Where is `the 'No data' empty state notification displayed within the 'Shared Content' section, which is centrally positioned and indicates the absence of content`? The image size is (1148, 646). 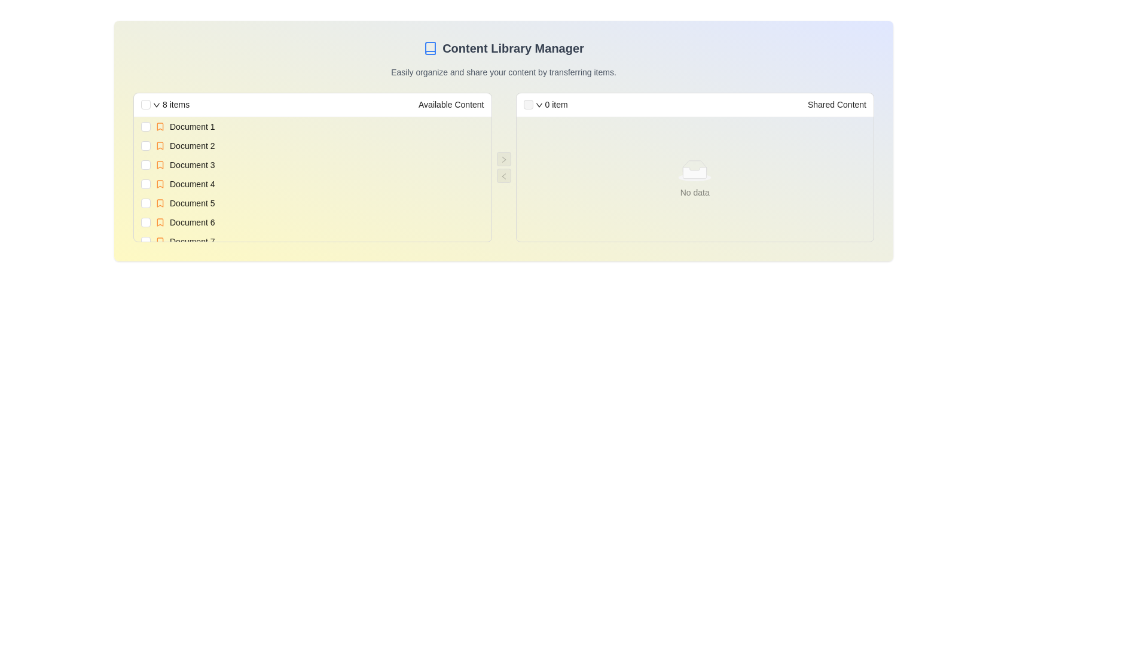
the 'No data' empty state notification displayed within the 'Shared Content' section, which is centrally positioned and indicates the absence of content is located at coordinates (695, 179).